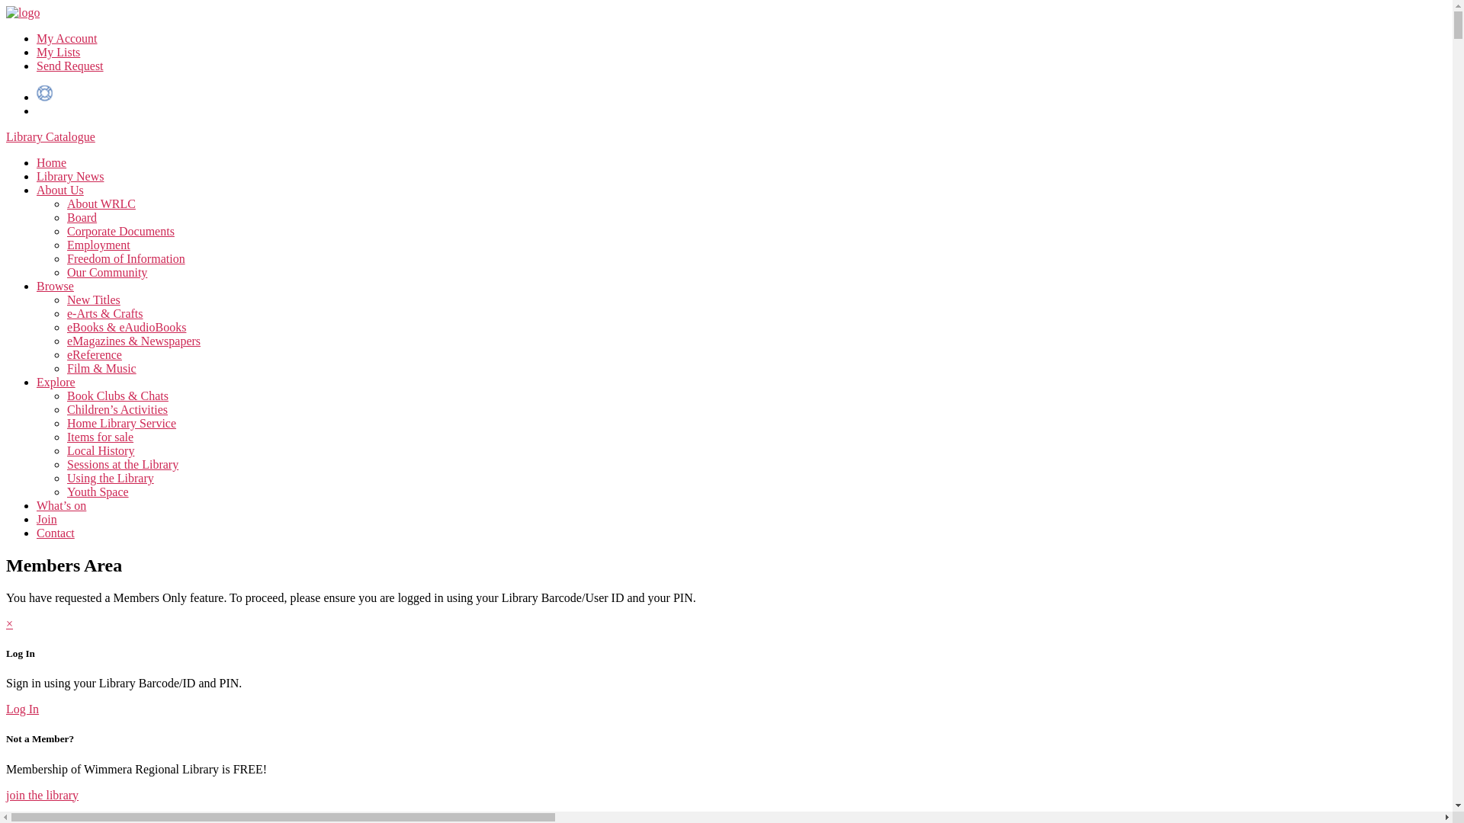 The image size is (1464, 823). What do you see at coordinates (58, 51) in the screenshot?
I see `'My Lists'` at bounding box center [58, 51].